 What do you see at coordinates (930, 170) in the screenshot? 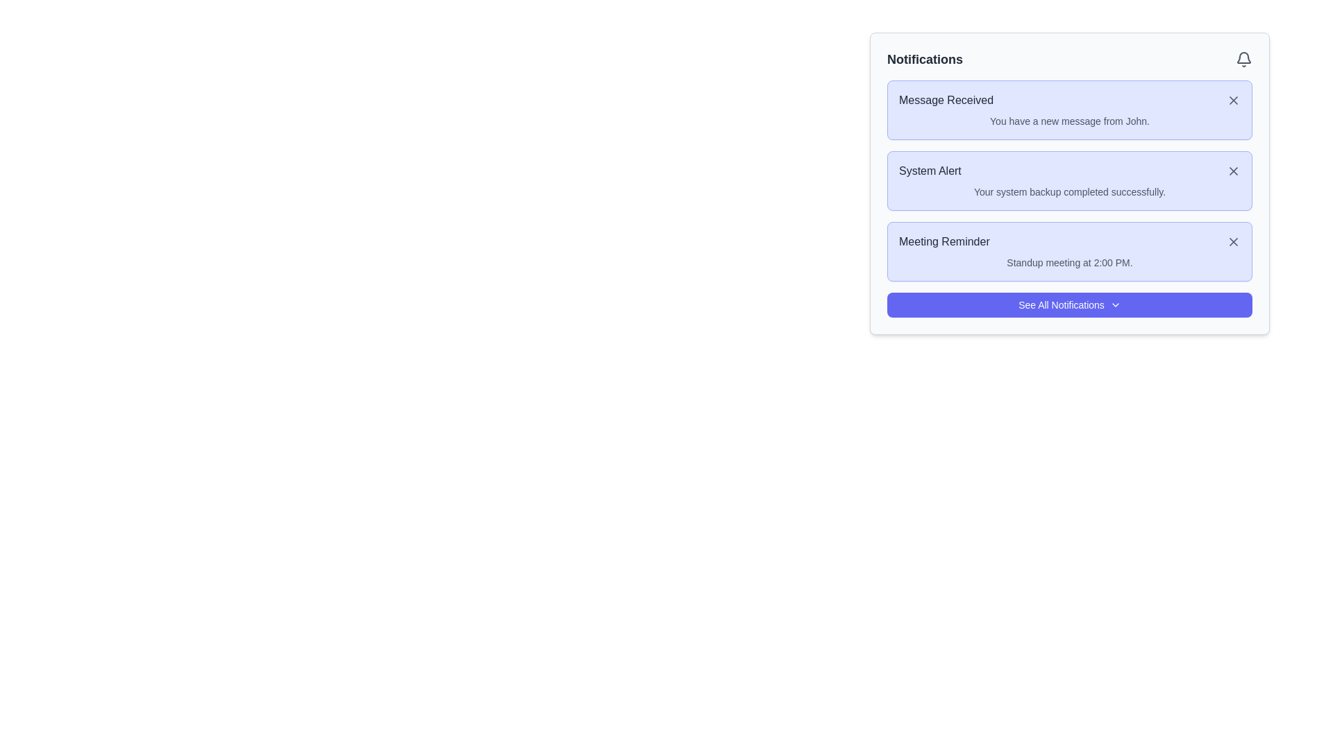
I see `the Text Label that serves as the title or header for its notification card, located in the second notification block from the top of the notification panel` at bounding box center [930, 170].